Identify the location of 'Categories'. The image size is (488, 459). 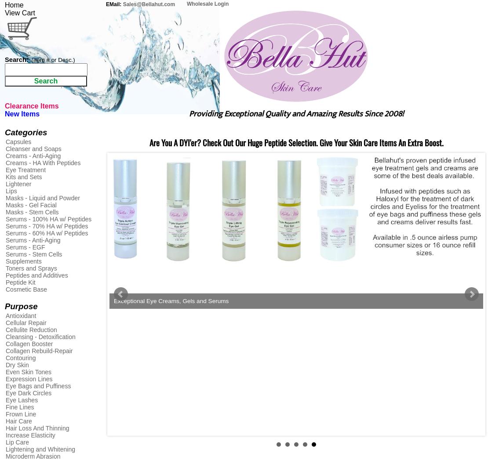
(25, 132).